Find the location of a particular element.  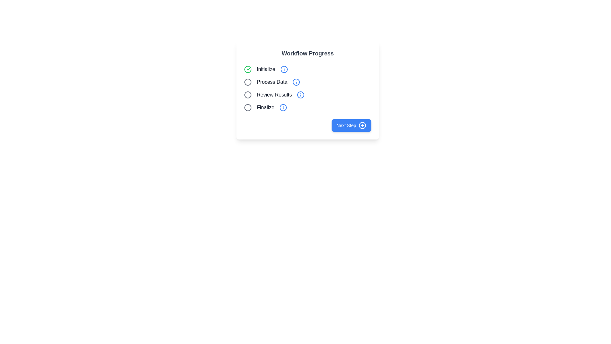

the 'Review Results' text label located in the 'Workflow Progress' section, which is the third option in a vertical list, emphasizing its importance with medium font-weight and dark gray color is located at coordinates (274, 95).